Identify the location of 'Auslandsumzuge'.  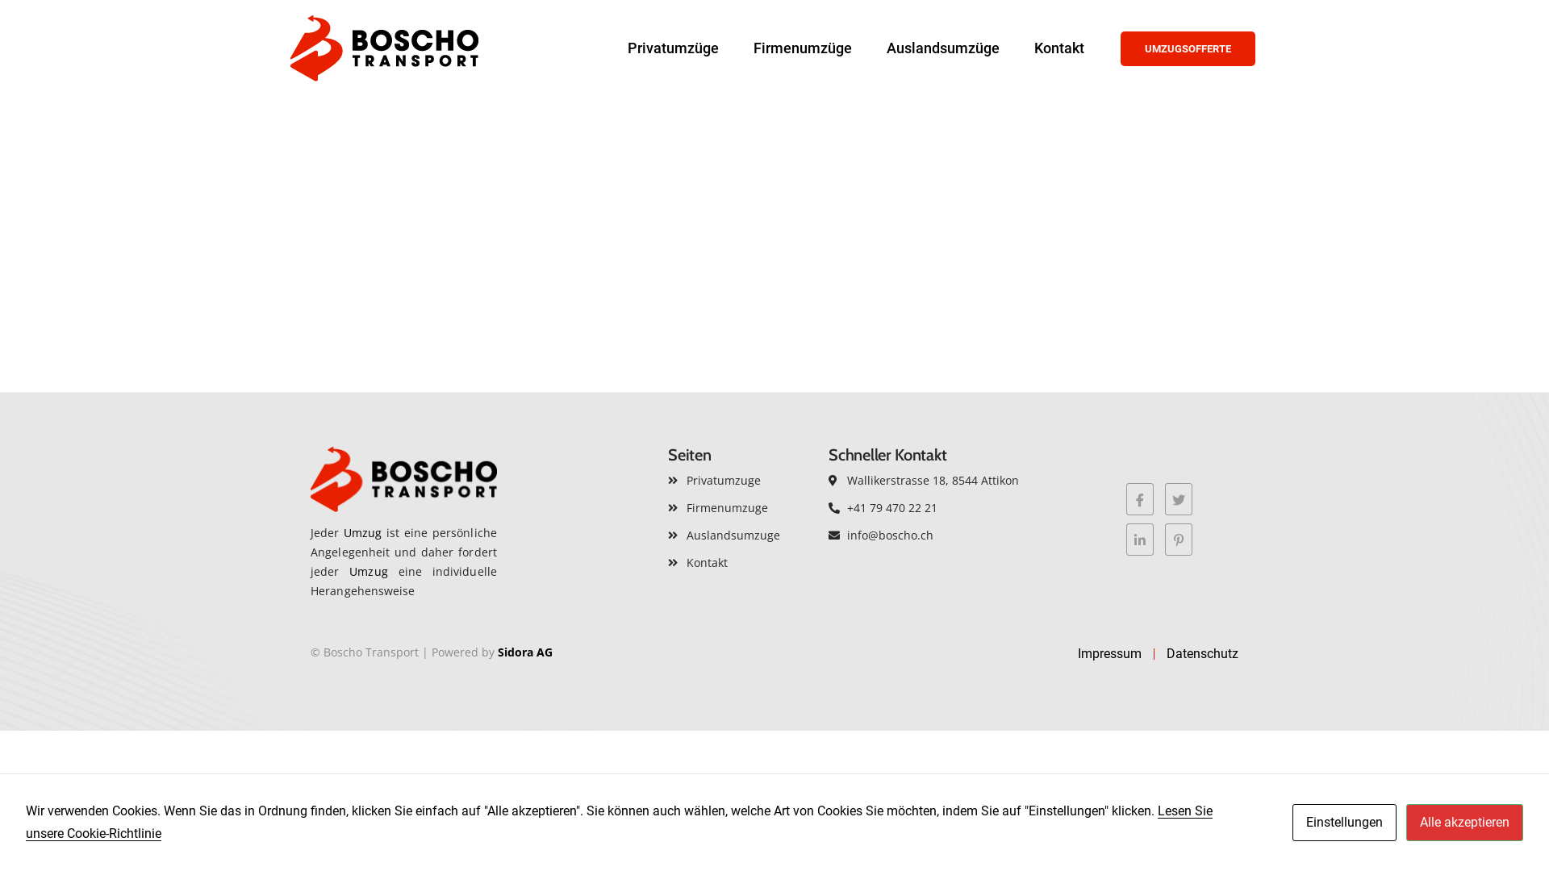
(739, 535).